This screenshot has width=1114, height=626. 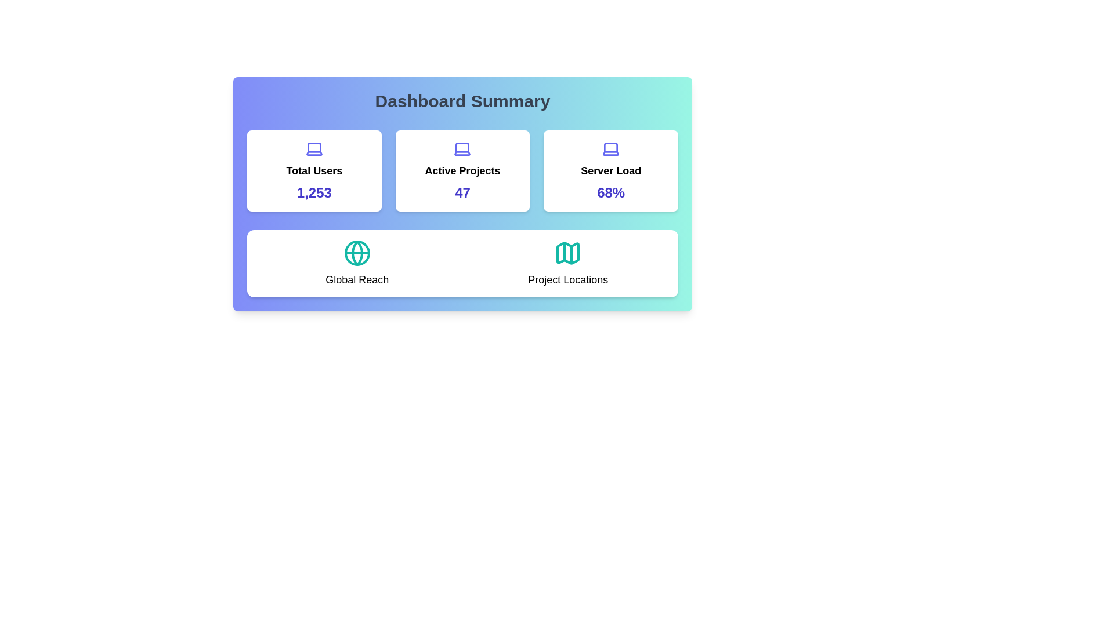 I want to click on the 'Global Reach' label with a globe-shaped icon, which is teal and has black text, positioned in the bottom left section of the dashboard, so click(x=356, y=264).